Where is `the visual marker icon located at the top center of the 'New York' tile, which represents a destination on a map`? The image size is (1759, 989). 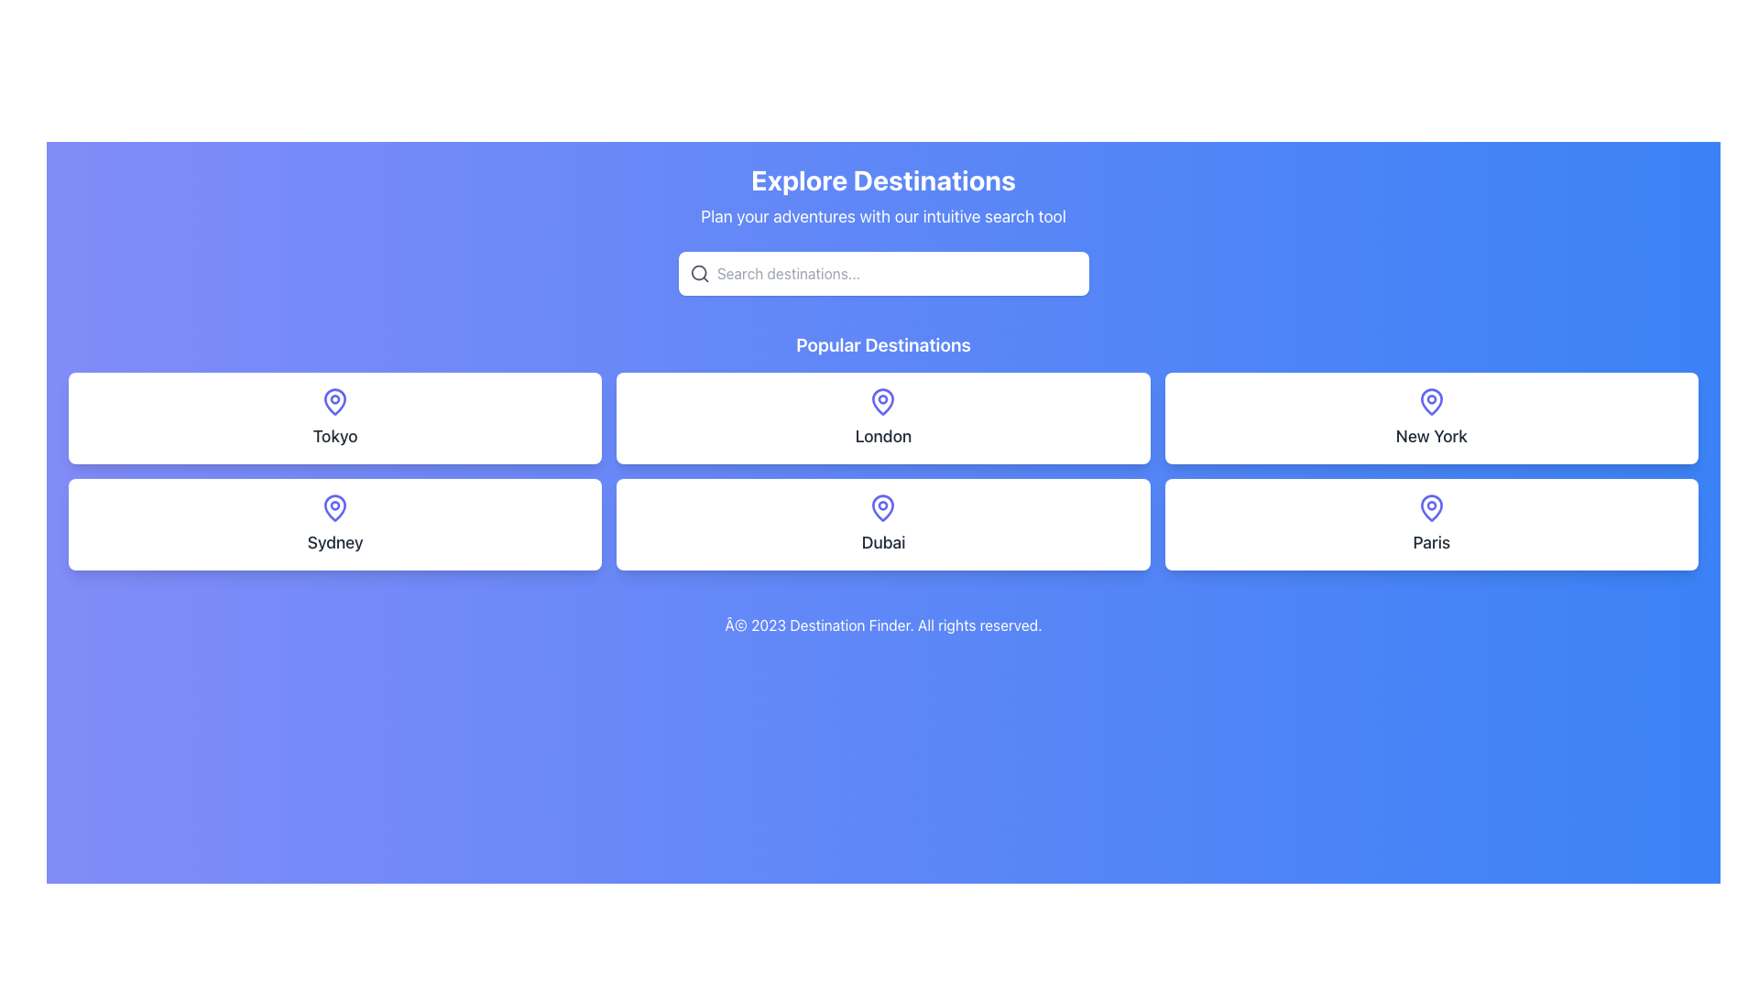 the visual marker icon located at the top center of the 'New York' tile, which represents a destination on a map is located at coordinates (1430, 401).